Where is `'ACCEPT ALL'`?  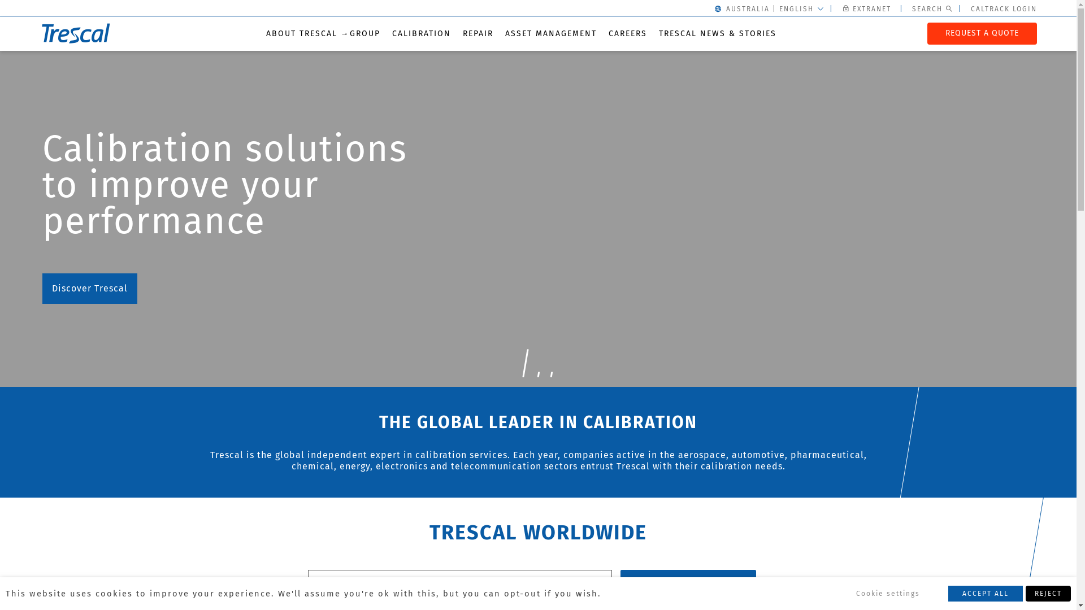 'ACCEPT ALL' is located at coordinates (984, 592).